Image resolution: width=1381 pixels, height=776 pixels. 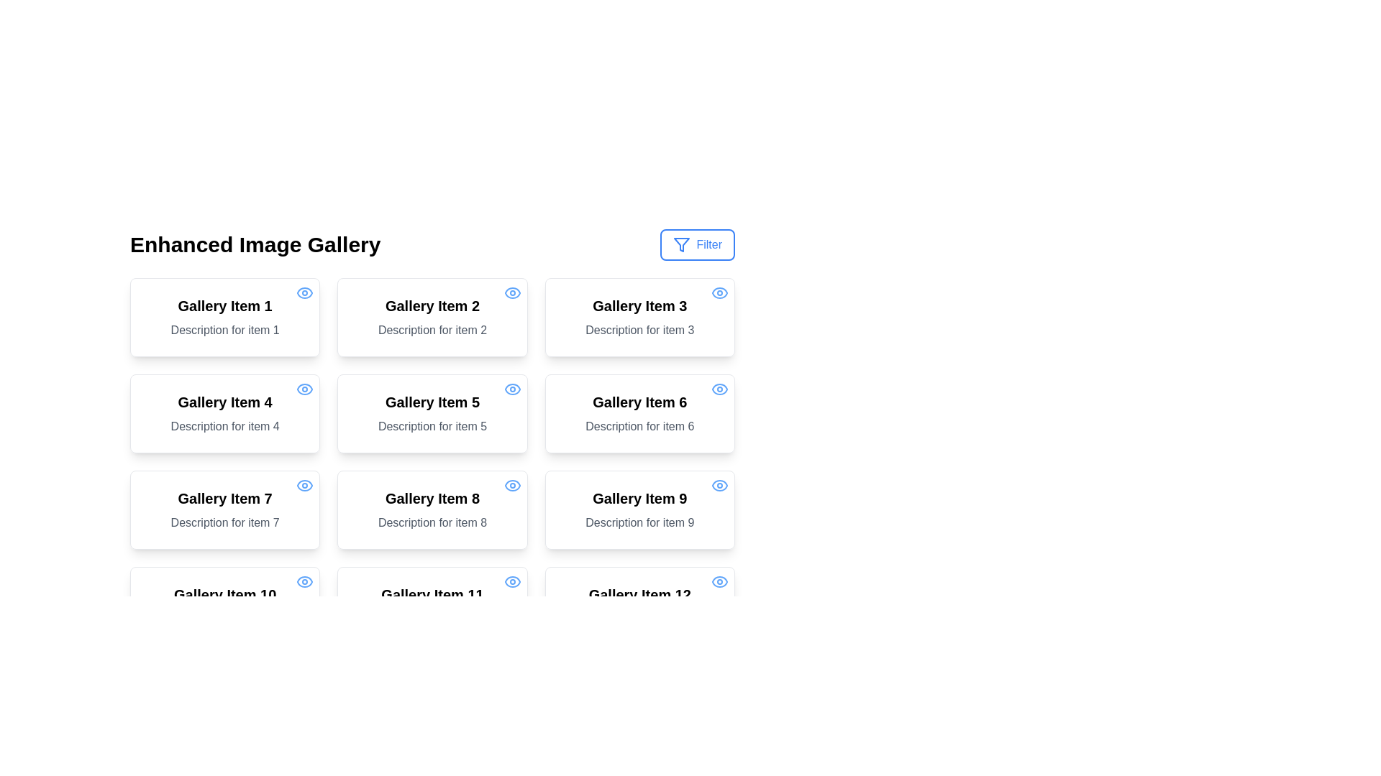 I want to click on the text label reading 'Description for item 5', which is styled in gray and located beneath the title 'Gallery Item 5' in the second row, second column of a grid layout, so click(x=432, y=426).